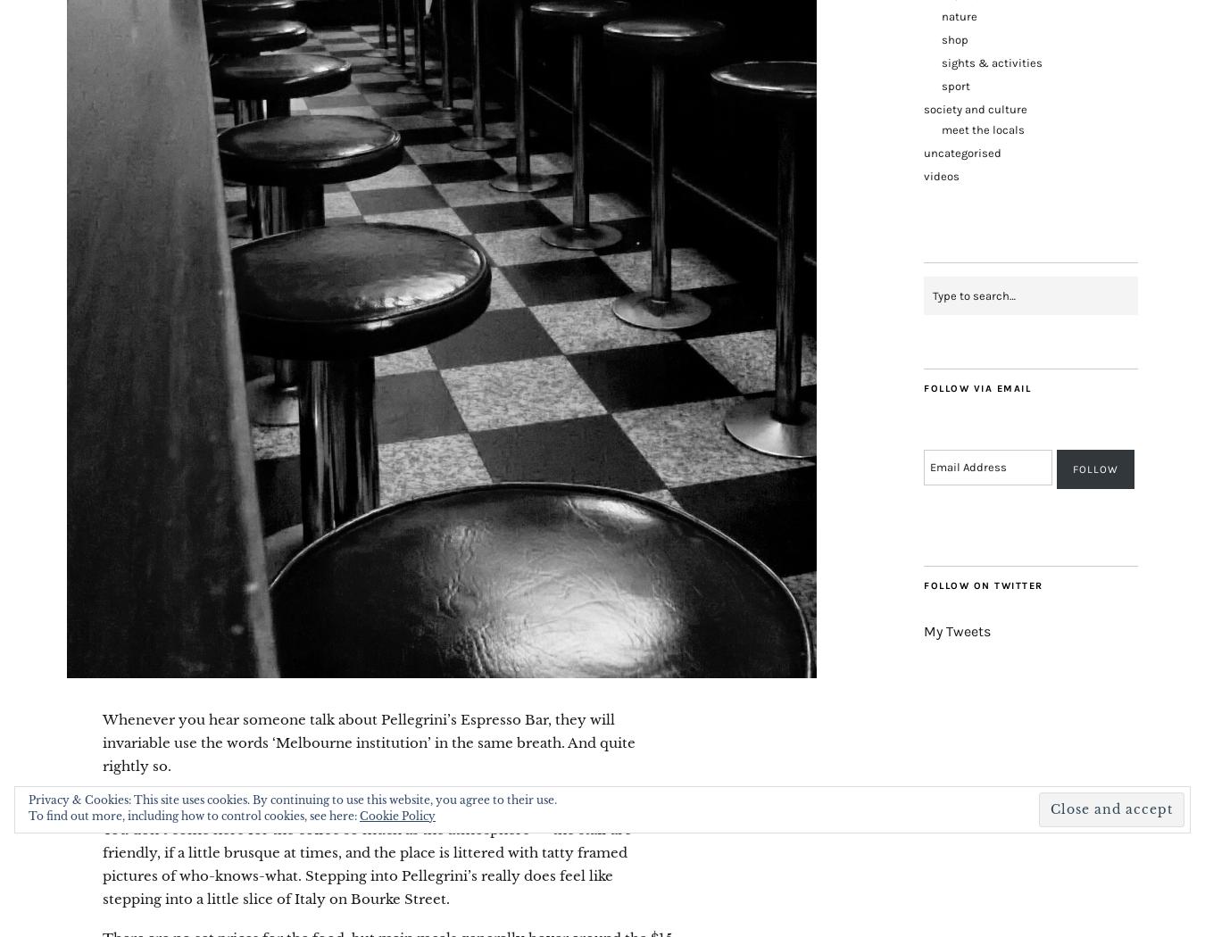  Describe the element at coordinates (397, 816) in the screenshot. I see `'Cookie Policy'` at that location.